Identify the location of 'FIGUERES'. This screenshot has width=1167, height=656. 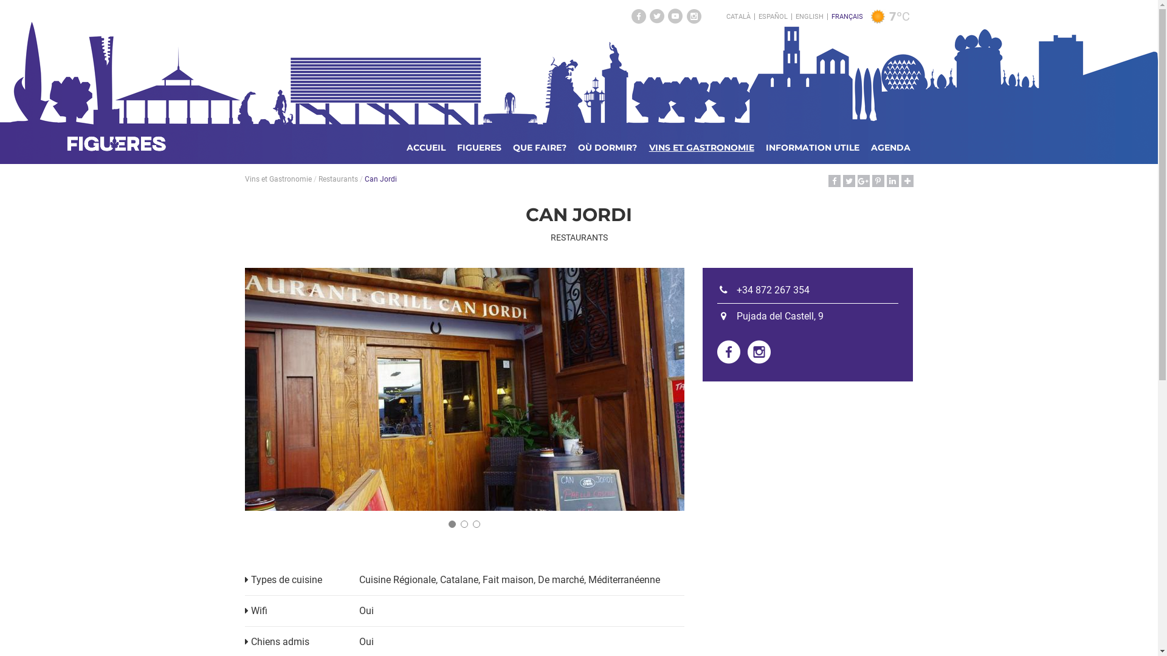
(478, 147).